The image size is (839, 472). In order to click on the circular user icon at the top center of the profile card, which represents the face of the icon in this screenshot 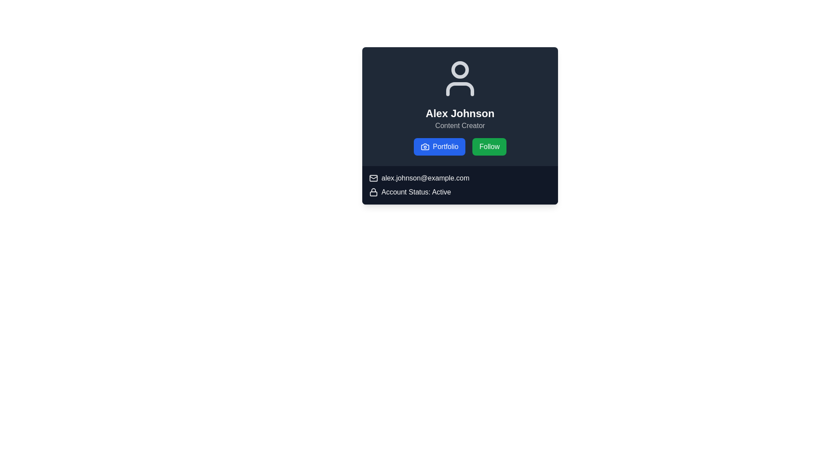, I will do `click(459, 69)`.